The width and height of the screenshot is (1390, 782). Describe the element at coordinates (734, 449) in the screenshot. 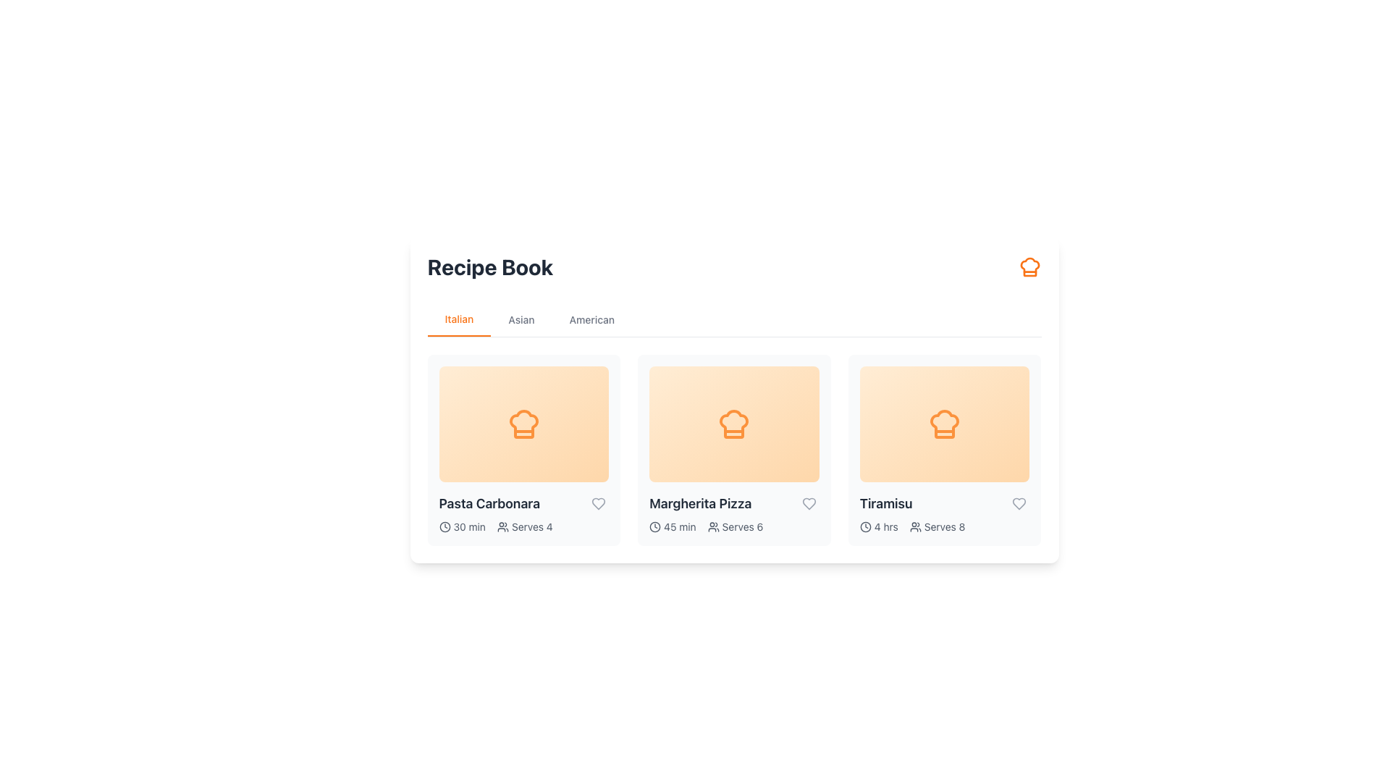

I see `the Margherita Pizza card in the Recipe Book section` at that location.